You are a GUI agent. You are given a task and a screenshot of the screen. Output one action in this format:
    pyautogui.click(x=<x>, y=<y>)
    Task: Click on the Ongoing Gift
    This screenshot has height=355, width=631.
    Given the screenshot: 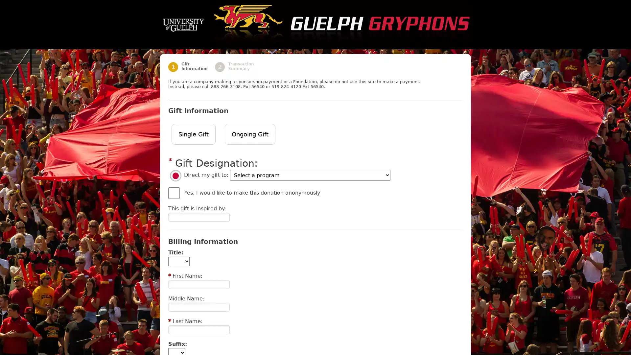 What is the action you would take?
    pyautogui.click(x=250, y=133)
    